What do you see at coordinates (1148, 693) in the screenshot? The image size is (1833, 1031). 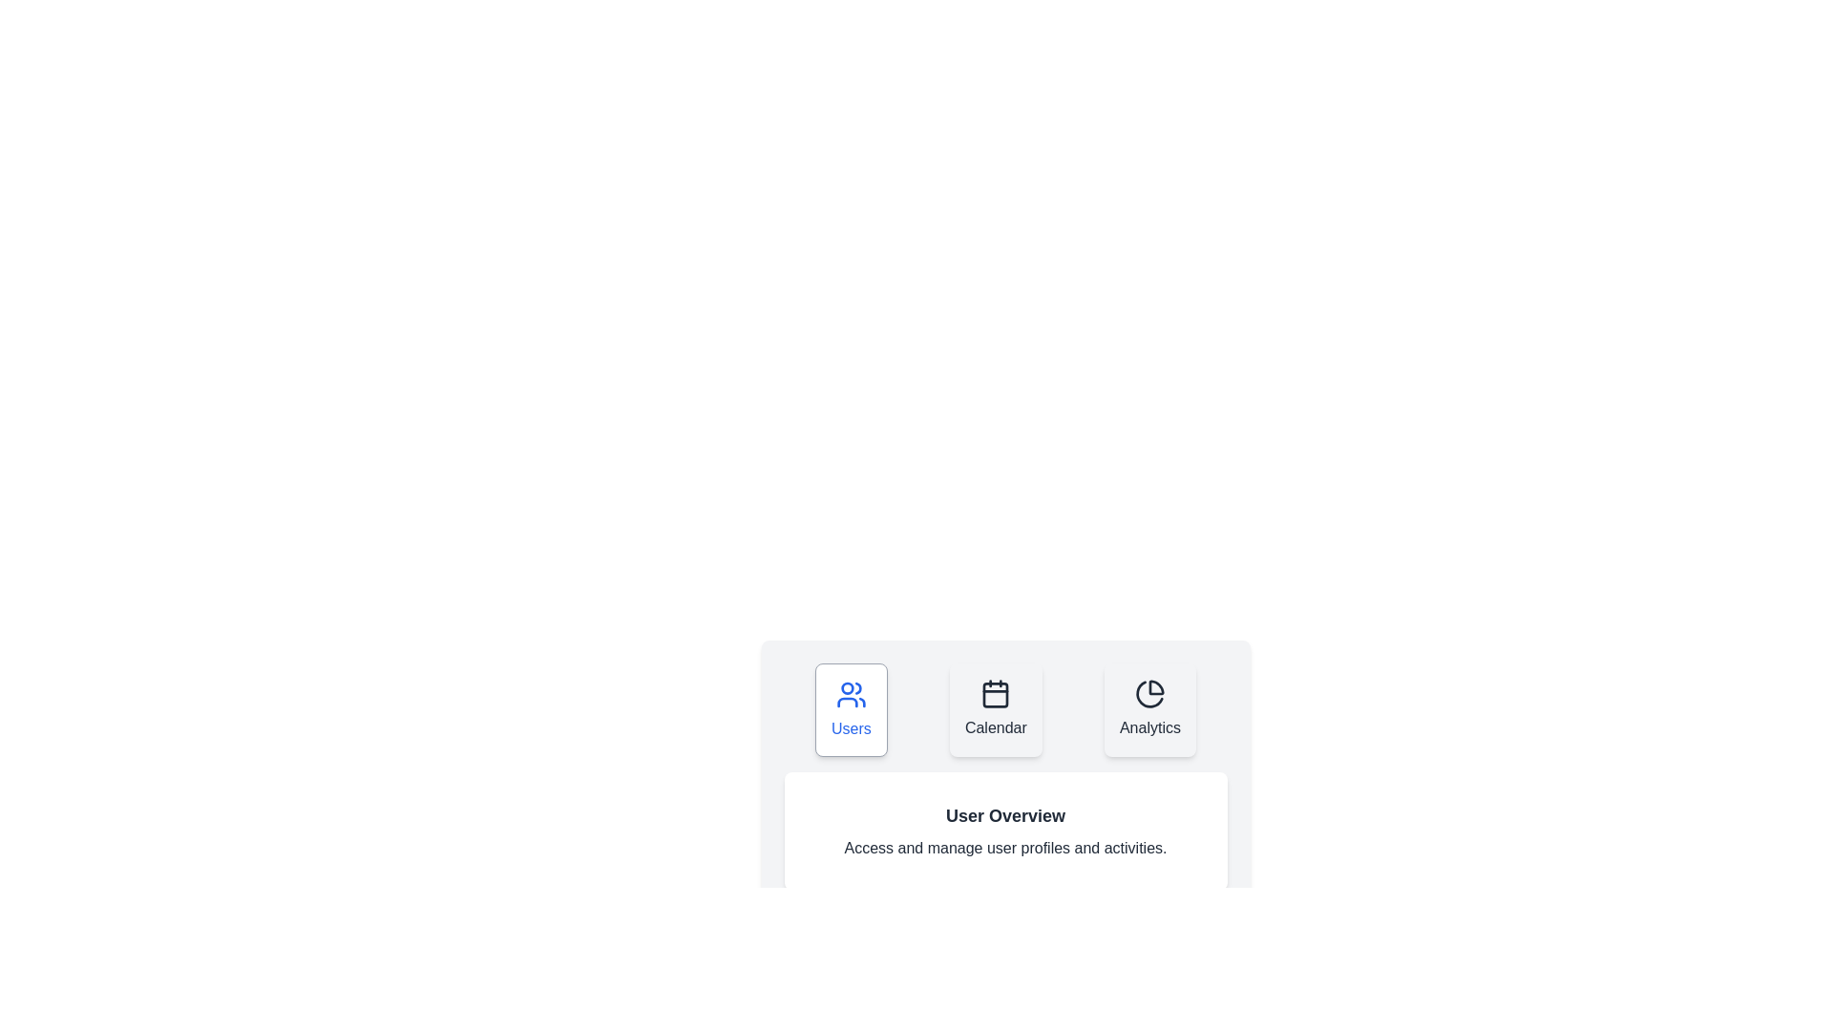 I see `the 'Analytics' icon located within the 'Analytics' button, which is the third item in a horizontal row of user options` at bounding box center [1148, 693].